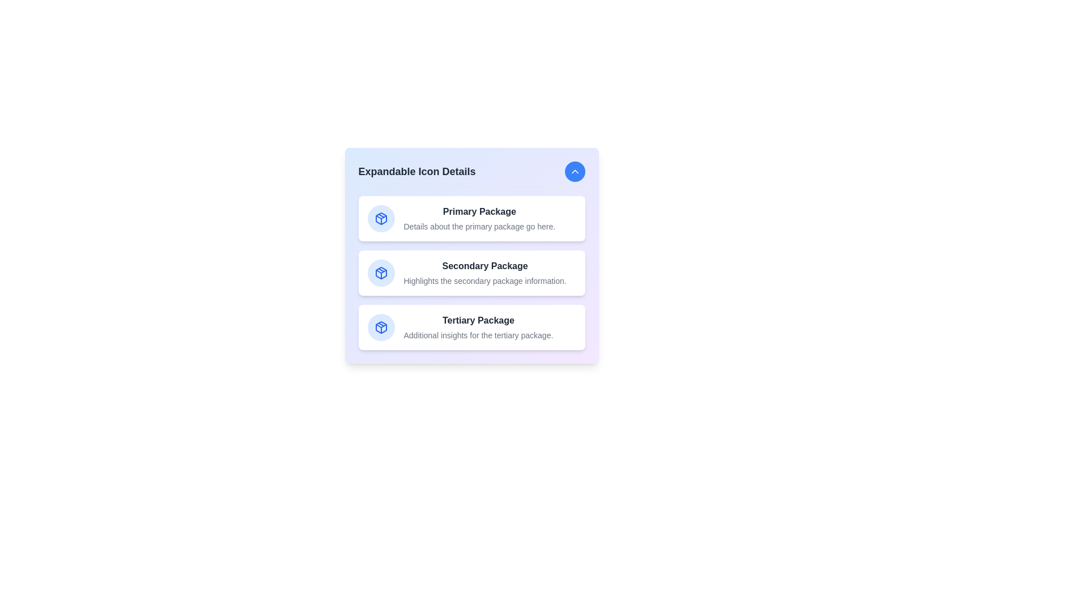  Describe the element at coordinates (381, 218) in the screenshot. I see `the Icon representing the 'Primary Package' section, which is located in the top-left corner of the first item in a vertical list within a card interface, adjacent to the 'Primary Package' text` at that location.